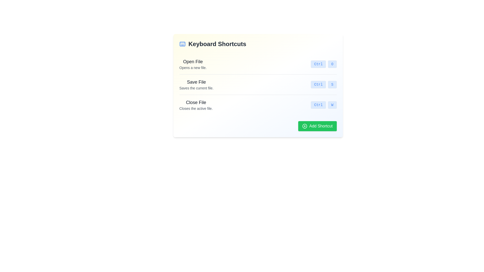  I want to click on the small rectangular button with a light blue background containing a bold 'S' character, styled in a monospace font, located in the second row of keyboard shortcuts, so click(332, 84).